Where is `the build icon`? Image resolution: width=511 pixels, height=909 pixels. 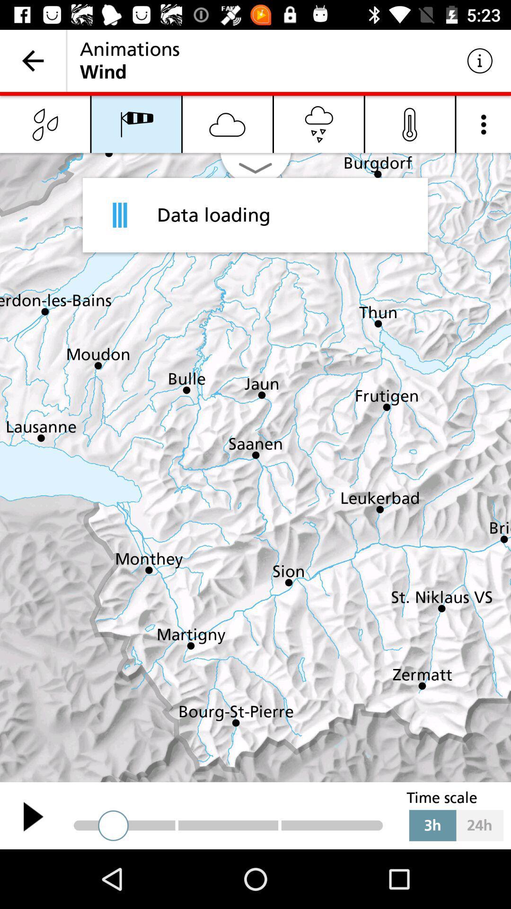
the build icon is located at coordinates (45, 124).